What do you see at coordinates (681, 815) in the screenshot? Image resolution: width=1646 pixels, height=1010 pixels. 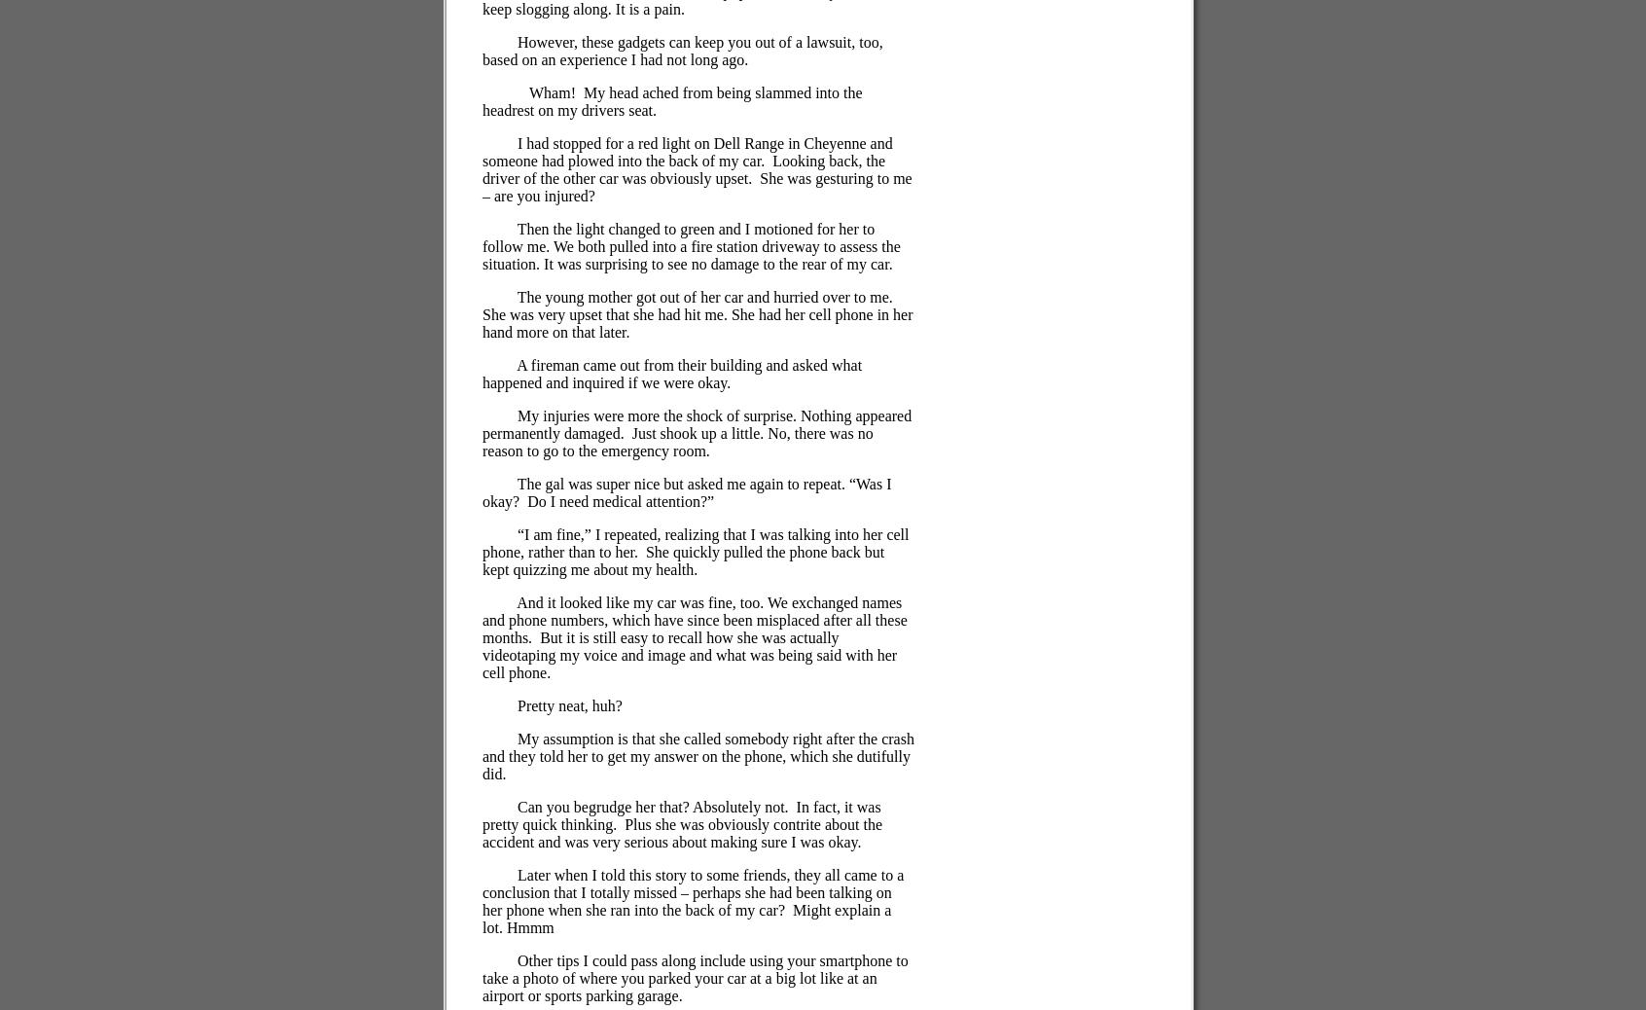 I see `'In
fact, it was pretty quick thinking.'` at bounding box center [681, 815].